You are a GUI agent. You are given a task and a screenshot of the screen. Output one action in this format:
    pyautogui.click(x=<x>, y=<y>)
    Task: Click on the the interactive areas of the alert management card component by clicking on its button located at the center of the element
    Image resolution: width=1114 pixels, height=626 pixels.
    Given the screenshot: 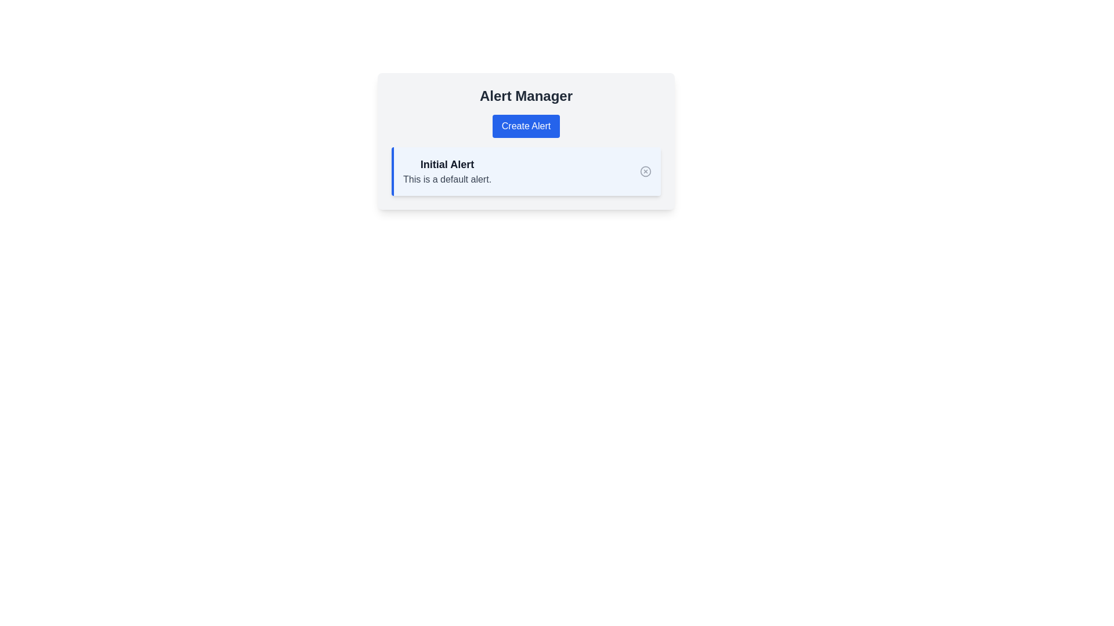 What is the action you would take?
    pyautogui.click(x=526, y=140)
    